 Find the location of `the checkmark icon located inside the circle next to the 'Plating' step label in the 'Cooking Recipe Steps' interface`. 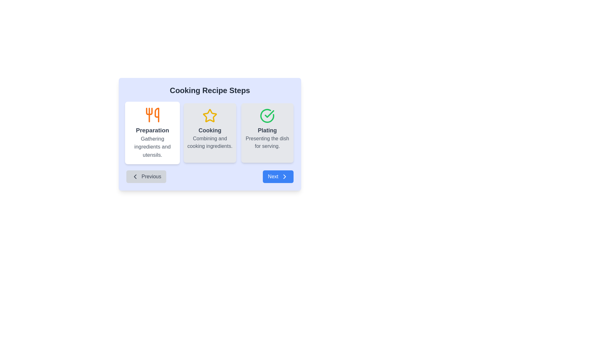

the checkmark icon located inside the circle next to the 'Plating' step label in the 'Cooking Recipe Steps' interface is located at coordinates (269, 113).